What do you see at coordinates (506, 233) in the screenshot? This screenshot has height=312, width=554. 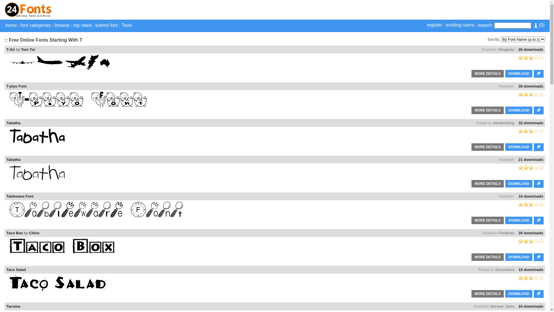 I see `'Fontbats'` at bounding box center [506, 233].